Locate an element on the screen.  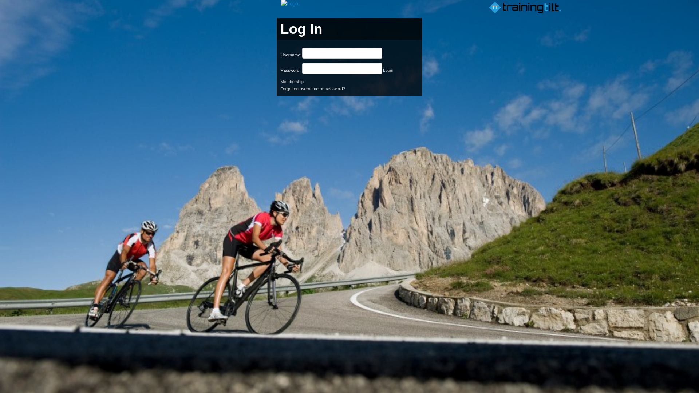
'Membership' is located at coordinates (280, 81).